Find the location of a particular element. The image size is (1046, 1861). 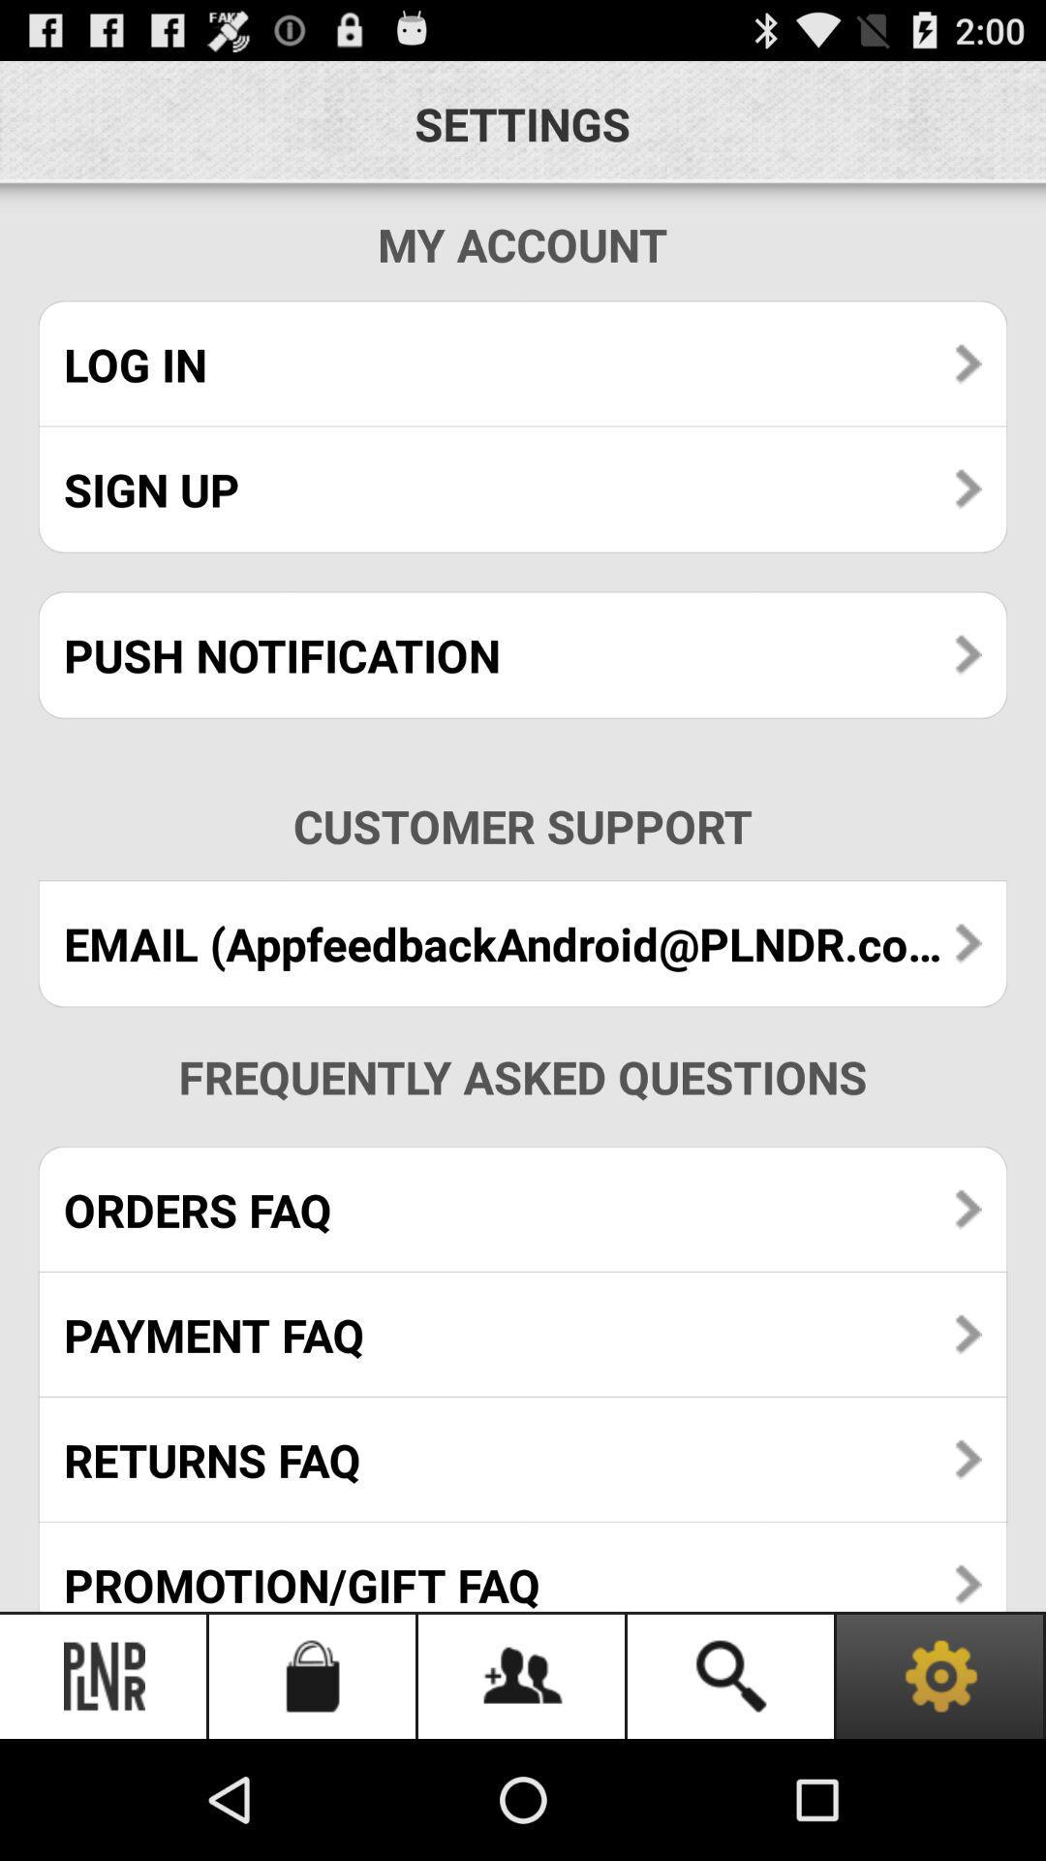

the item above the payment faq icon is located at coordinates (523, 1209).